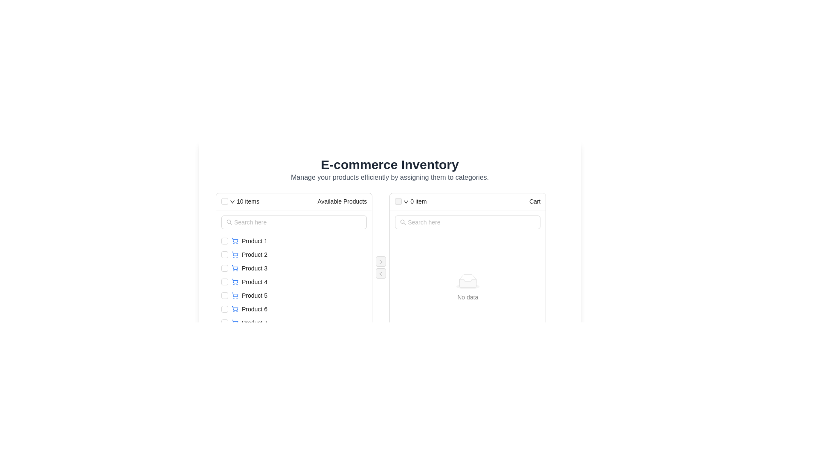  I want to click on the primary body of the shopping cart icon, which is a minimalistic line drawing located next to the text 'Product 6' in the product list, so click(235, 308).